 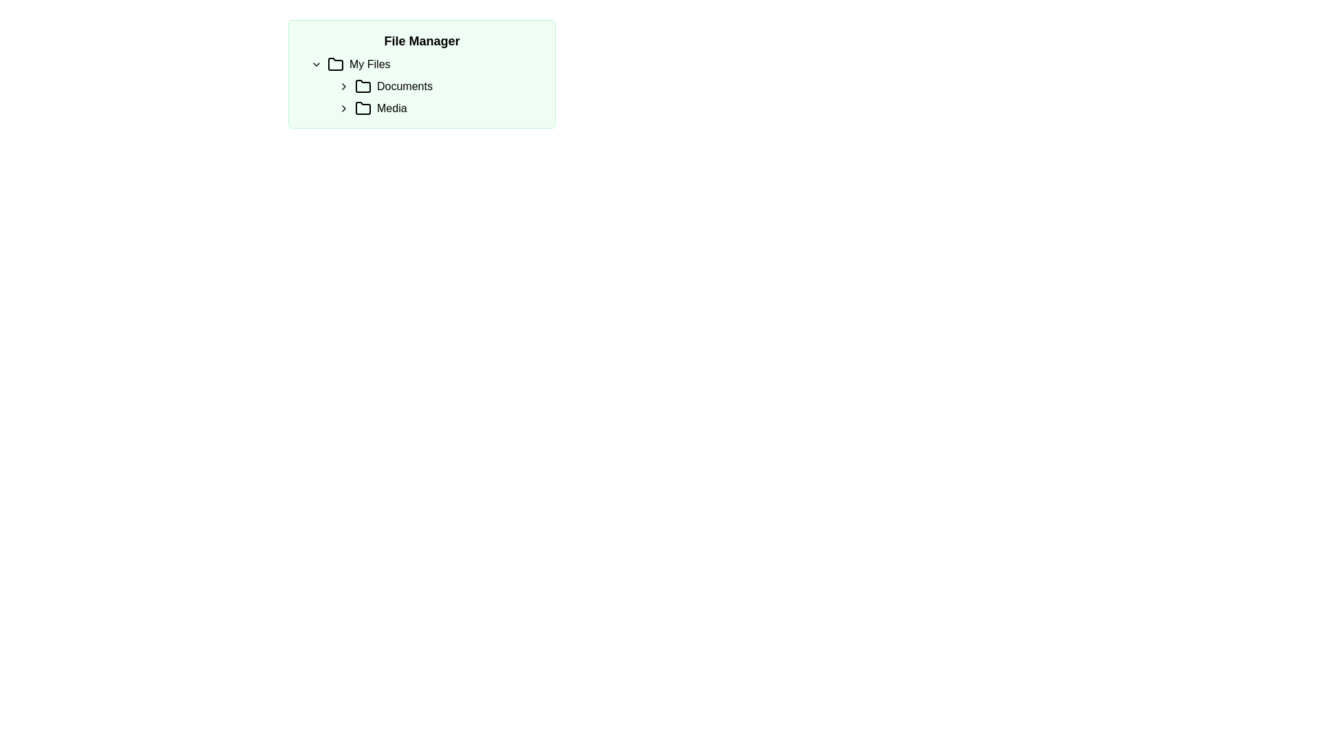 What do you see at coordinates (363, 87) in the screenshot?
I see `the 'Documents' folder icon in the File Manager interface, which is visually represented and located to the left of the text 'Documents'` at bounding box center [363, 87].